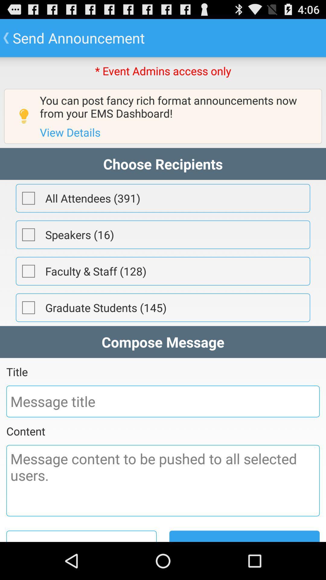 This screenshot has width=326, height=580. Describe the element at coordinates (70, 132) in the screenshot. I see `the item above the choose recipients item` at that location.